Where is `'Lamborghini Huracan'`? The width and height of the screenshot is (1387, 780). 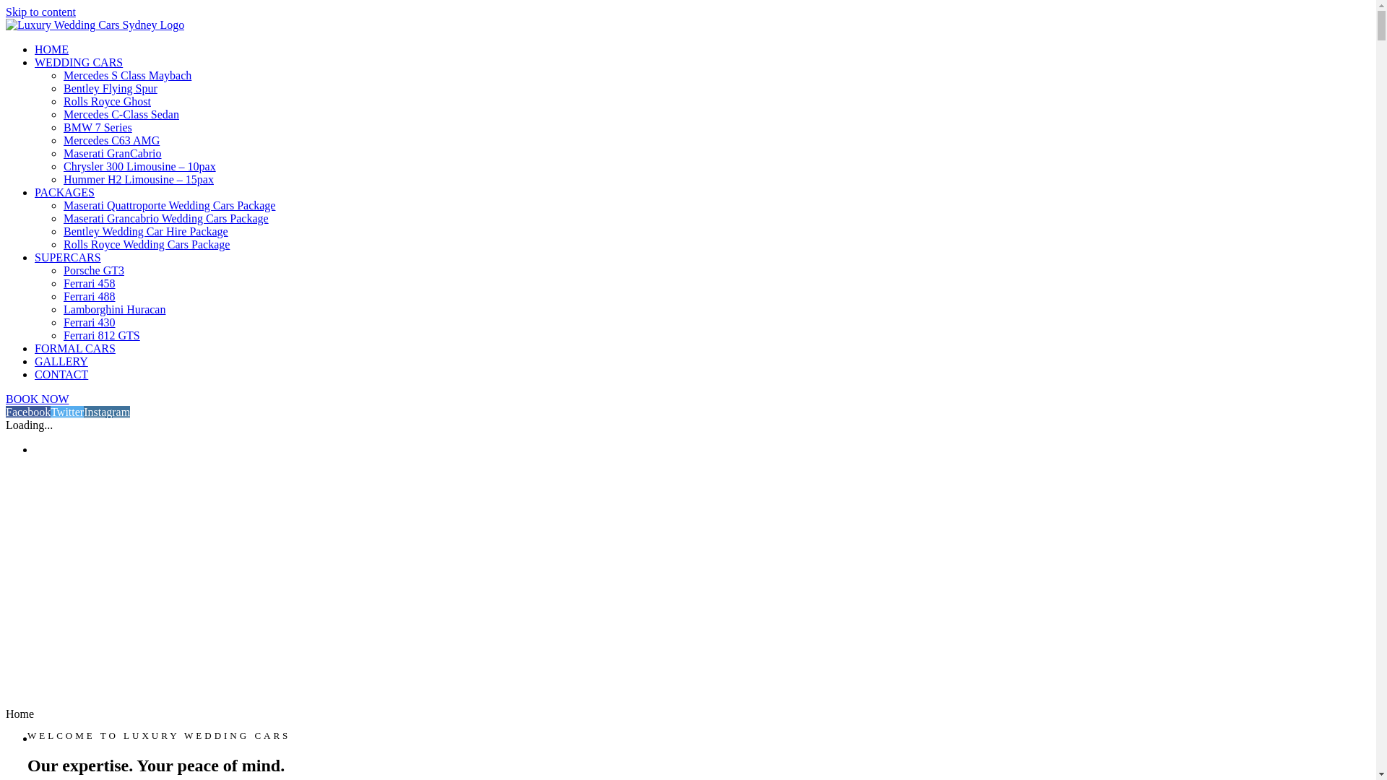 'Lamborghini Huracan' is located at coordinates (113, 308).